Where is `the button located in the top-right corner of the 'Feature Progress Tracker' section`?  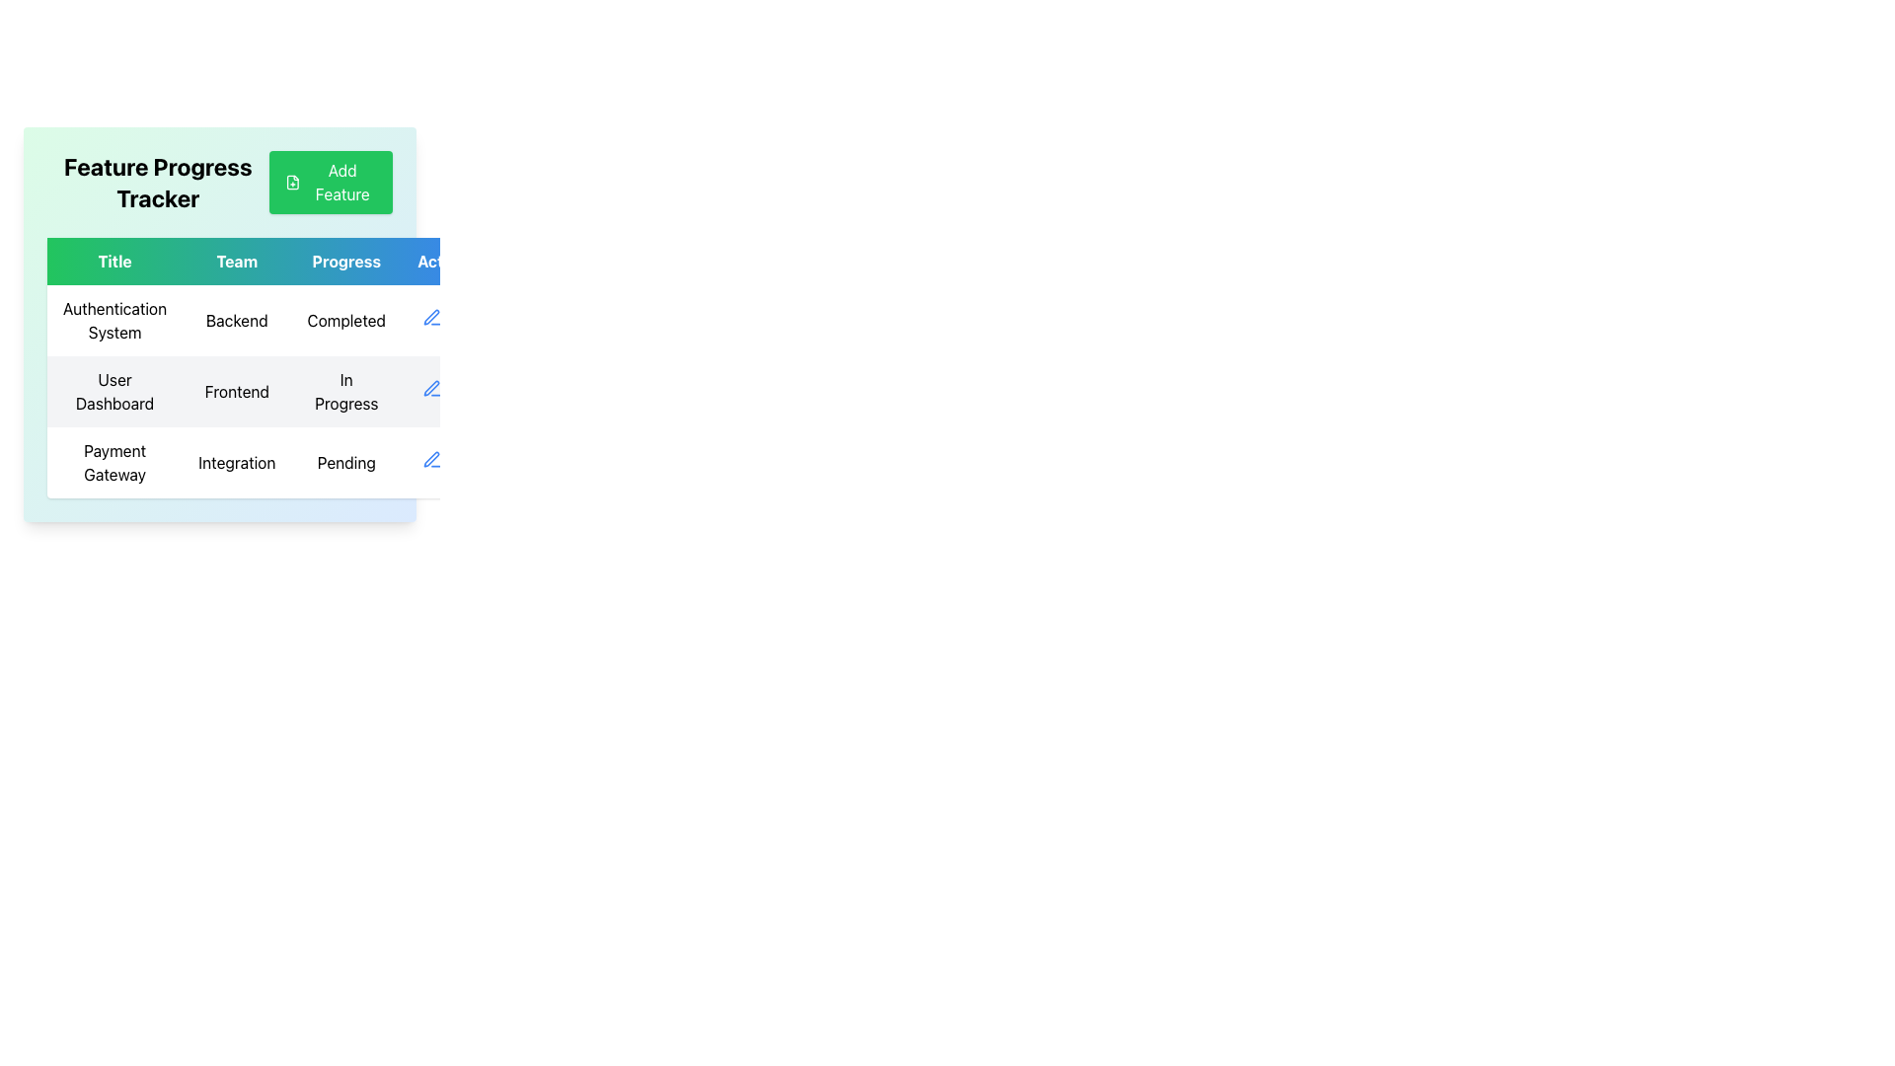 the button located in the top-right corner of the 'Feature Progress Tracker' section is located at coordinates (331, 183).